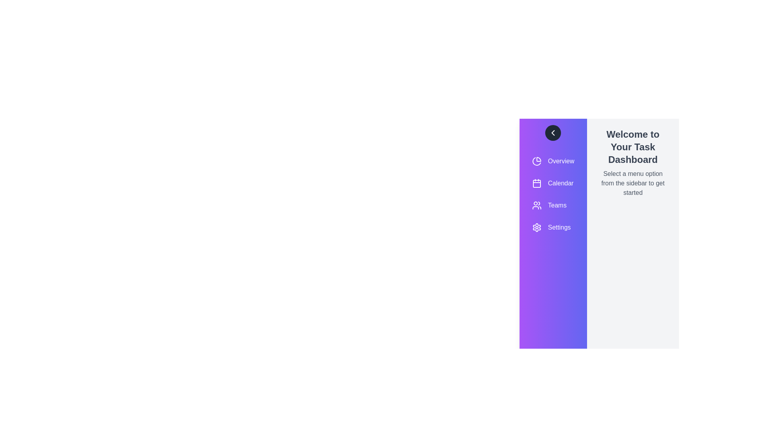 This screenshot has height=426, width=758. I want to click on the menu item labeled Overview, so click(553, 161).